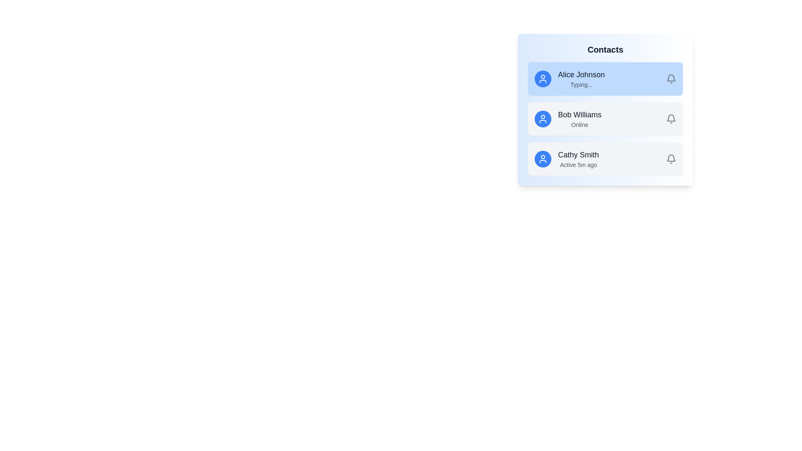  What do you see at coordinates (543, 119) in the screenshot?
I see `the User avatar icon located in the second row of the contact list, to the left of the name 'Bob Williams'` at bounding box center [543, 119].